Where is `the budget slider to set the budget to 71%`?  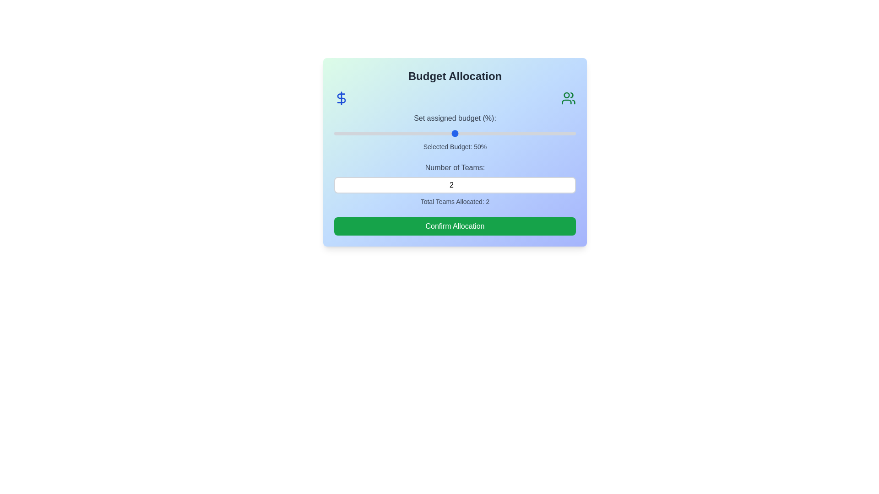 the budget slider to set the budget to 71% is located at coordinates (505, 134).